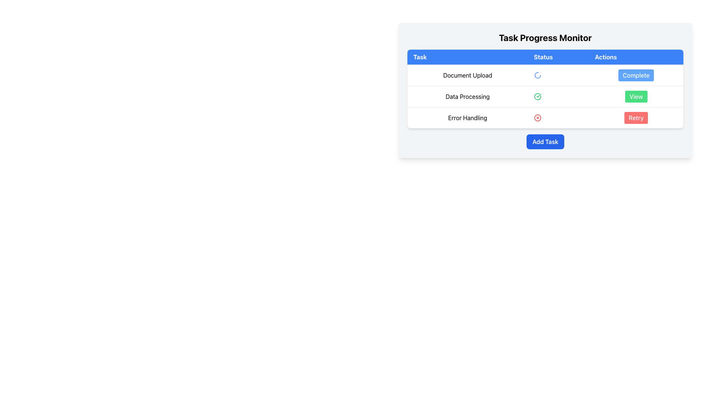  I want to click on the green check icon in the 'Data Processing' task entry, which is the second row of the structured table, so click(545, 96).